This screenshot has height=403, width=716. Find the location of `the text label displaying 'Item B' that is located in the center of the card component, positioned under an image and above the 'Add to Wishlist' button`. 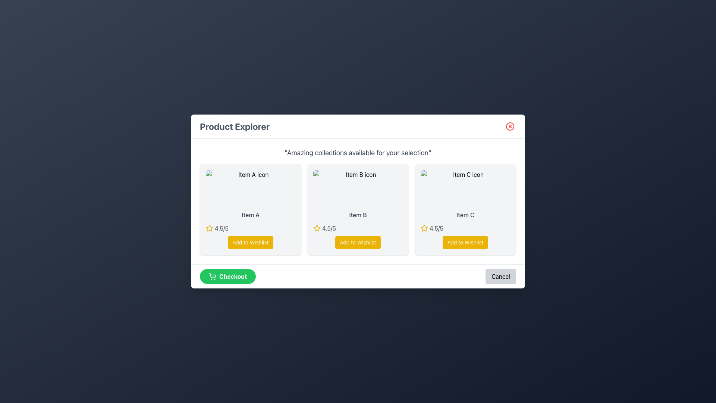

the text label displaying 'Item B' that is located in the center of the card component, positioned under an image and above the 'Add to Wishlist' button is located at coordinates (358, 215).